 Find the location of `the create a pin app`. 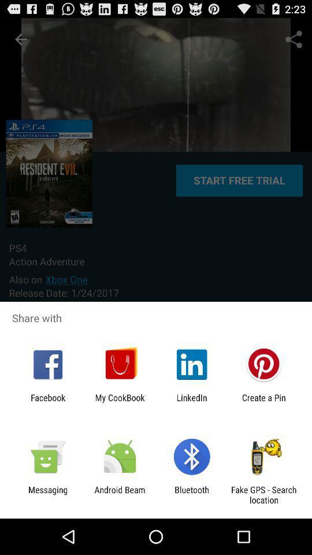

the create a pin app is located at coordinates (263, 402).